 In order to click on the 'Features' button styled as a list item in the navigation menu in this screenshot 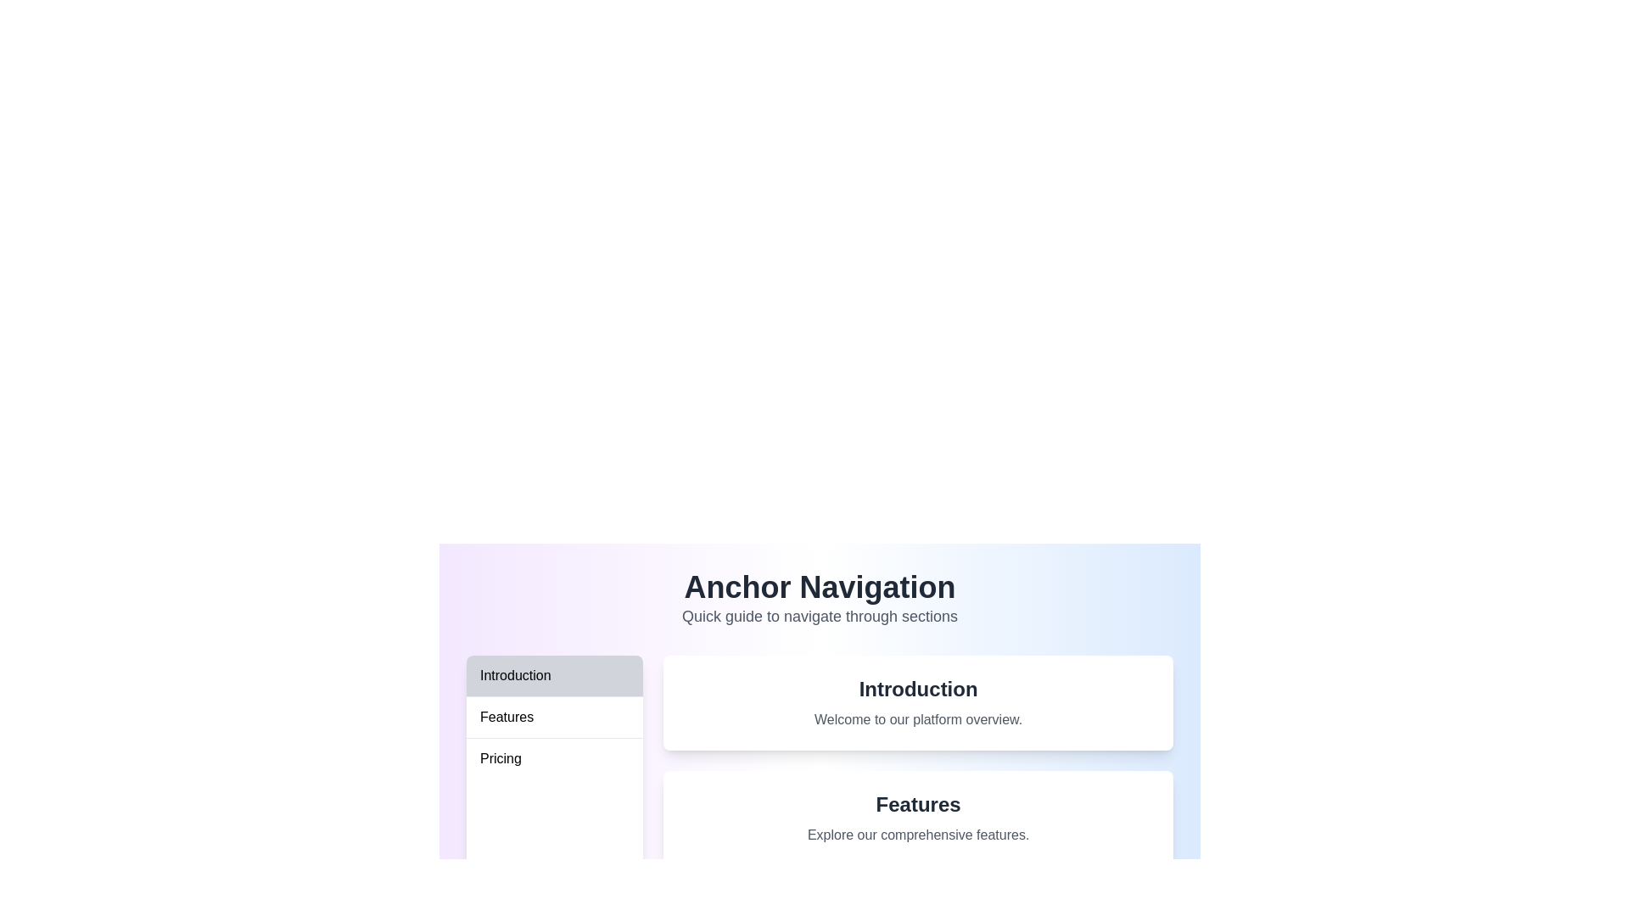, I will do `click(555, 717)`.